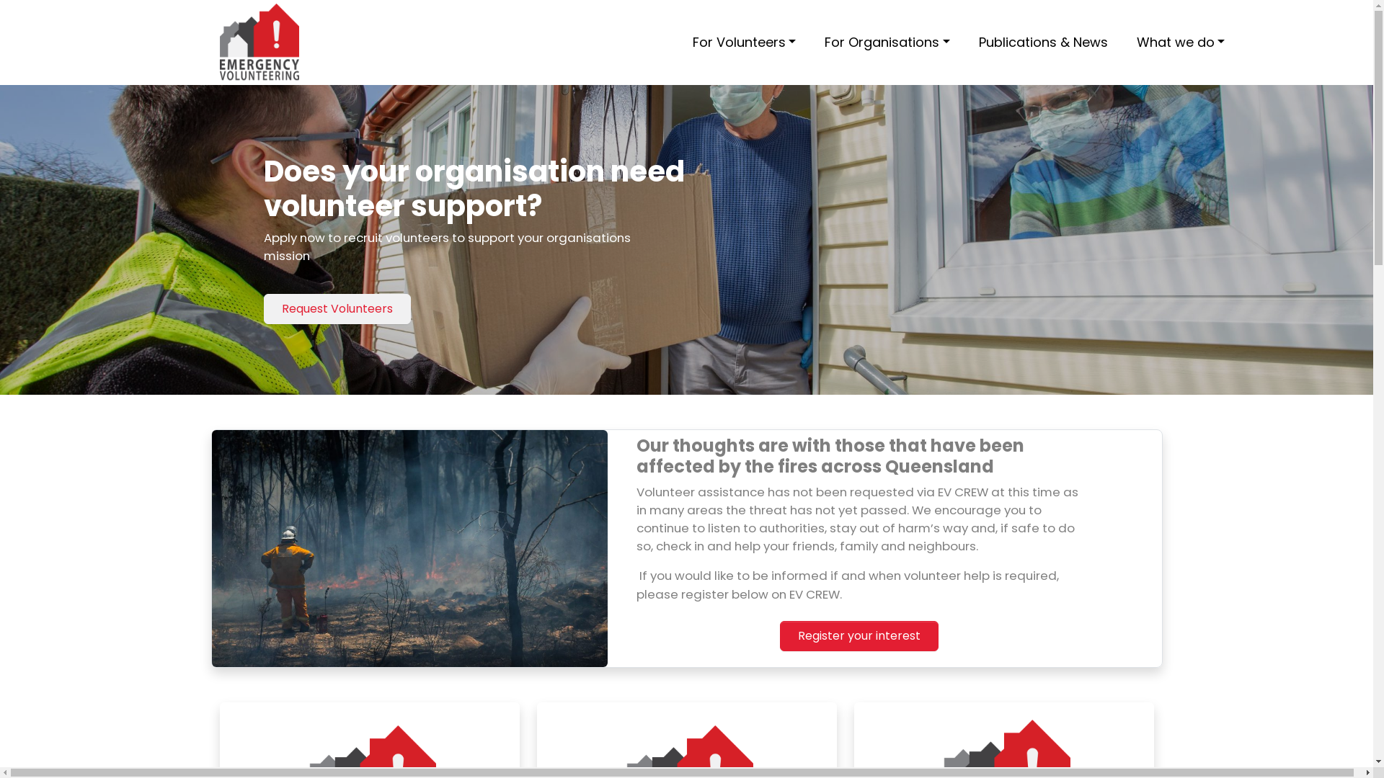 Image resolution: width=1384 pixels, height=778 pixels. I want to click on 'Publications & News', so click(972, 41).